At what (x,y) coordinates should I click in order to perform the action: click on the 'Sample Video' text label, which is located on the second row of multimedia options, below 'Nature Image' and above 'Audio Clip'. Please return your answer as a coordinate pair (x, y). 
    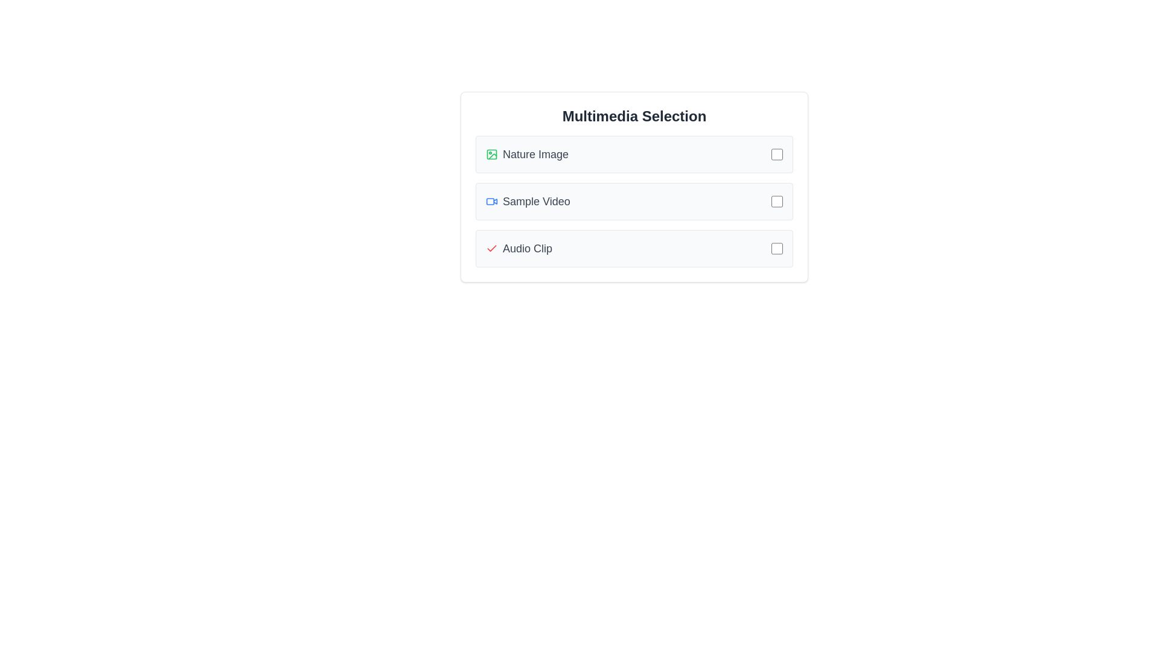
    Looking at the image, I should click on (535, 201).